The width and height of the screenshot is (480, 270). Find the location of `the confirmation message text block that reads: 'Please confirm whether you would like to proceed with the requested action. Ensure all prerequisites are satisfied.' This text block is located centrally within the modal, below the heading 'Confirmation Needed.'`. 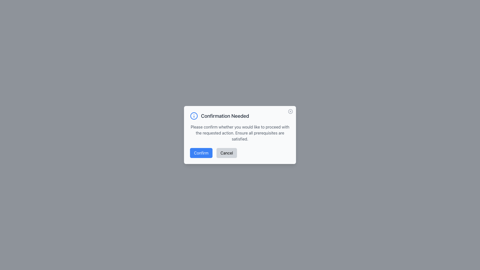

the confirmation message text block that reads: 'Please confirm whether you would like to proceed with the requested action. Ensure all prerequisites are satisfied.' This text block is located centrally within the modal, below the heading 'Confirmation Needed.' is located at coordinates (240, 133).